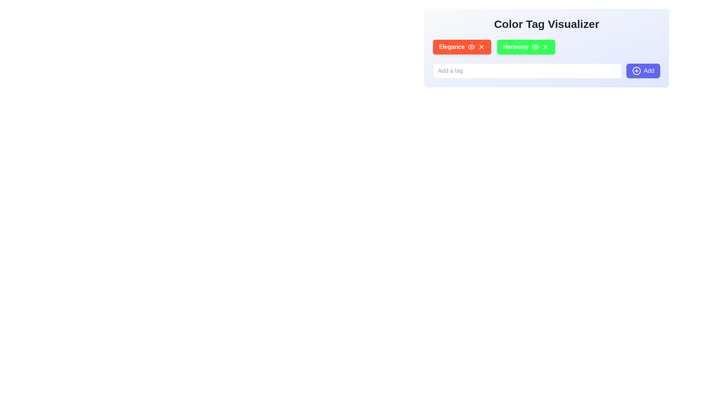 This screenshot has height=397, width=707. What do you see at coordinates (471, 47) in the screenshot?
I see `the small eye-shaped icon with a curved outline and a circle` at bounding box center [471, 47].